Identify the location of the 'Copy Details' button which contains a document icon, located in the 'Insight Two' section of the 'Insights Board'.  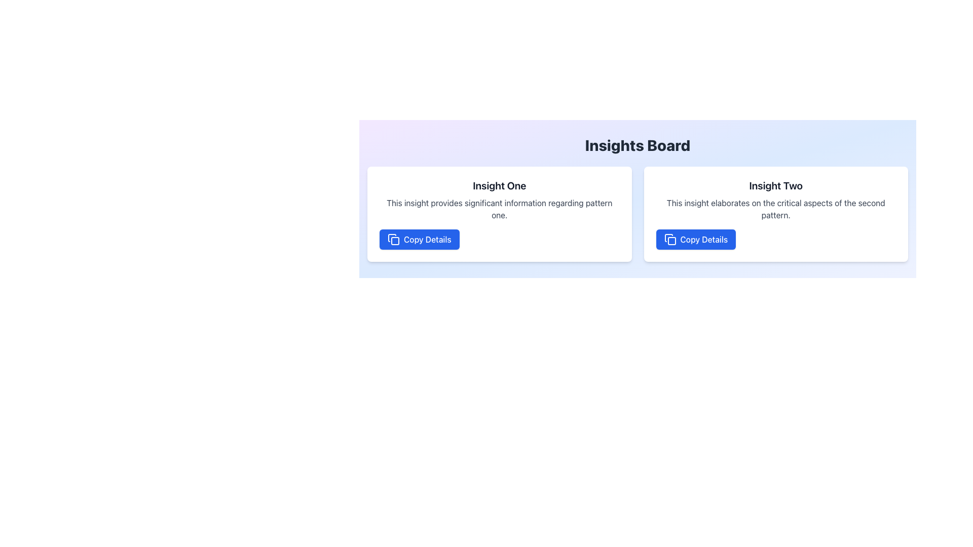
(668, 238).